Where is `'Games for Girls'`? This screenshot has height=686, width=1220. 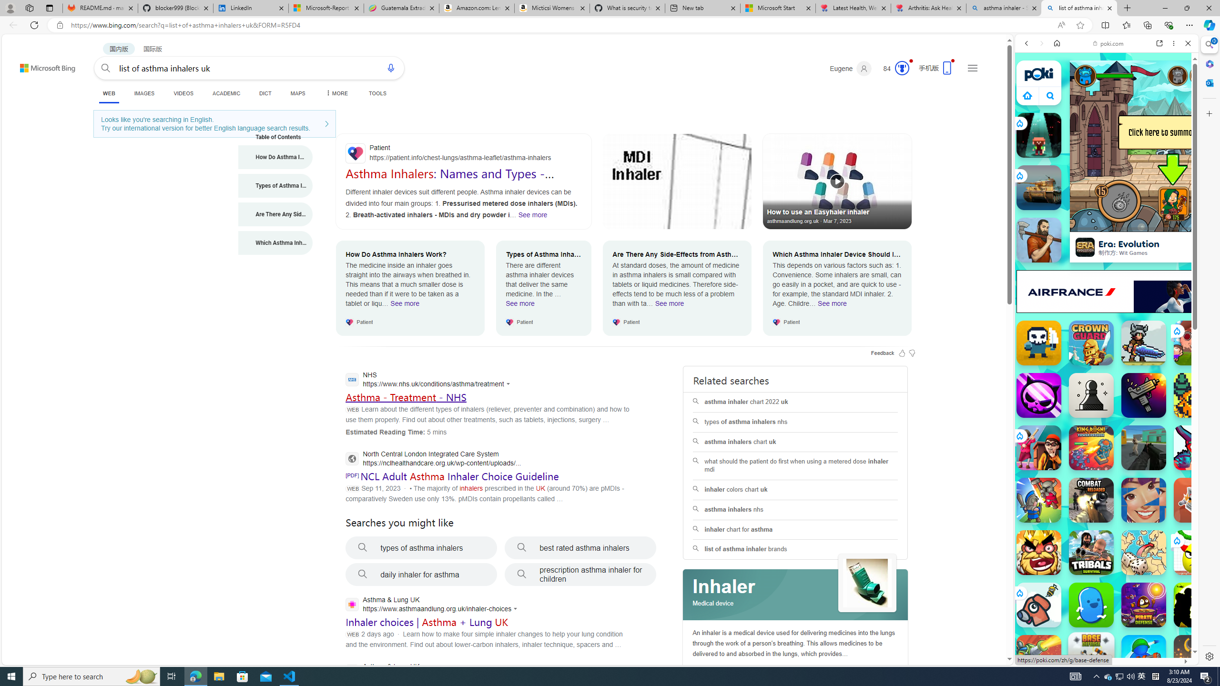
'Games for Girls' is located at coordinates (1106, 341).